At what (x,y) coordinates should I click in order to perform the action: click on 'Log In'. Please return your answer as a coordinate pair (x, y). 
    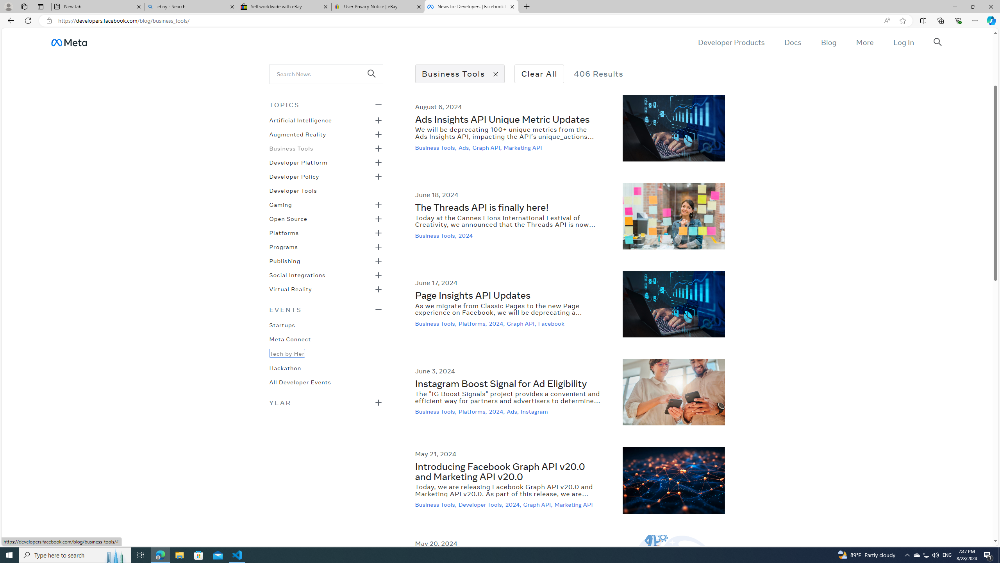
    Looking at the image, I should click on (903, 42).